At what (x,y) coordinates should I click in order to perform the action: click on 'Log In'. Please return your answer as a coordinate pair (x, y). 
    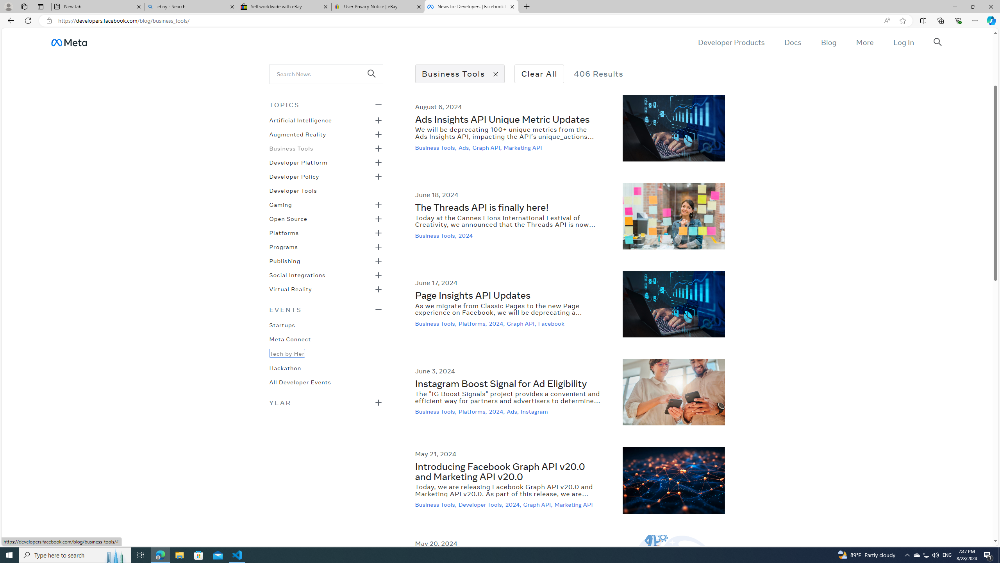
    Looking at the image, I should click on (903, 42).